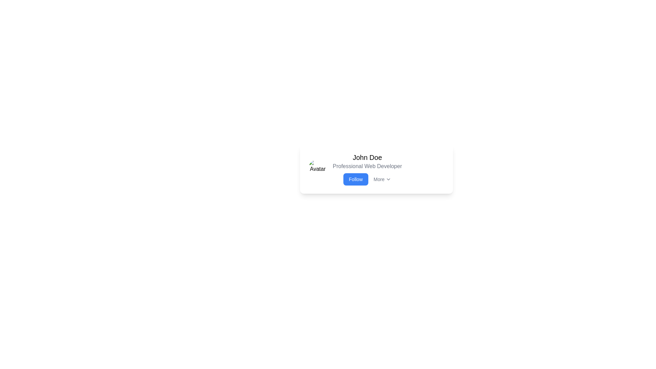  Describe the element at coordinates (355, 179) in the screenshot. I see `the blue 'Follow' button with white text` at that location.